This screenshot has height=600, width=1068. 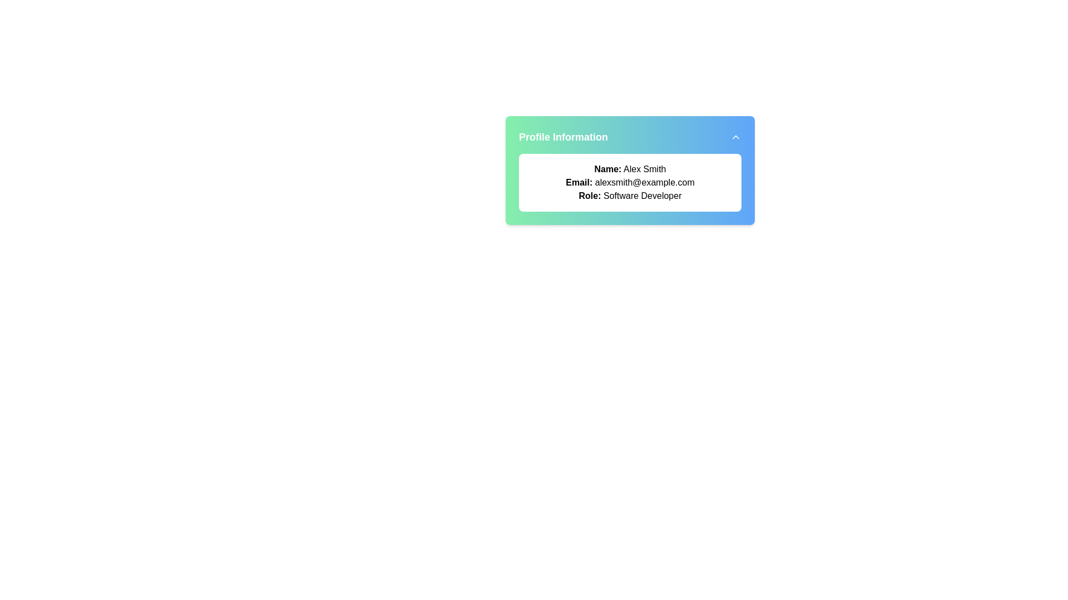 I want to click on the 'User Name' text label in the 'Profile Information' card, which is the first label in the vertical list and aligned to the left, so click(x=607, y=169).